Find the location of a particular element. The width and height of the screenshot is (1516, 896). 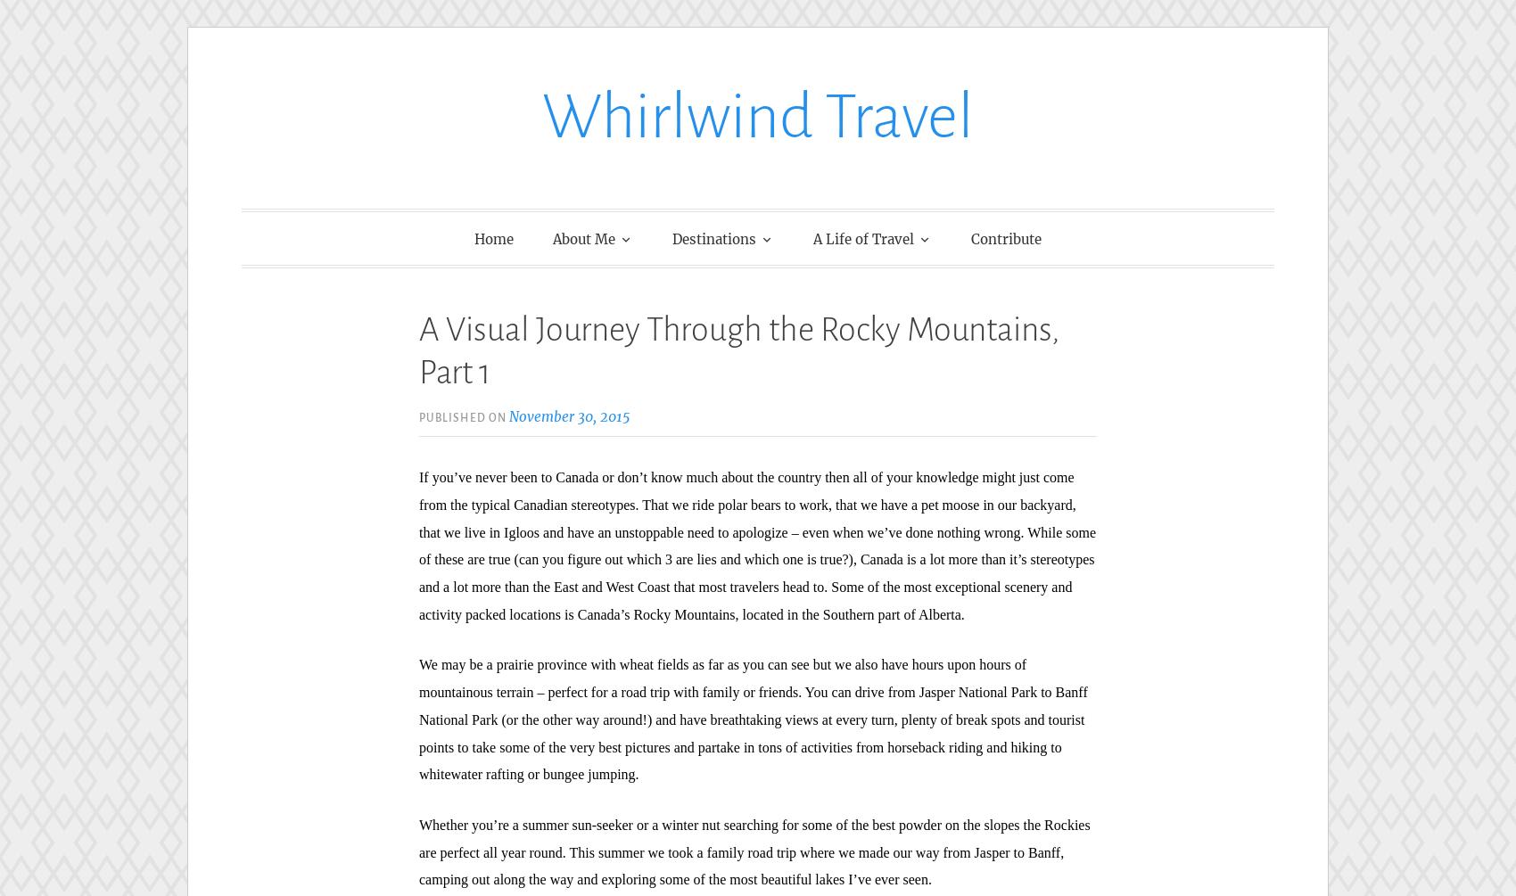

'A Visual Journey Through the Rocky Mountains, Part 1' is located at coordinates (737, 349).